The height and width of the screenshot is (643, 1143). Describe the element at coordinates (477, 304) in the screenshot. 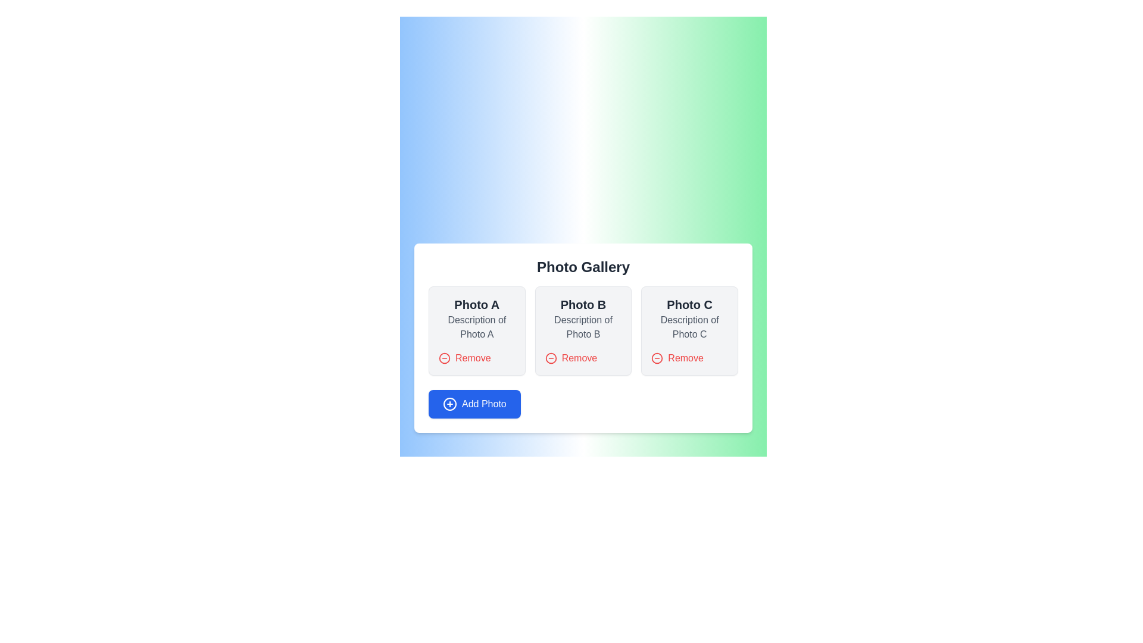

I see `the 'Photo A' heading, which is styled with a large, bold font in dark gray, located at the top of the first card in the Photo Gallery` at that location.